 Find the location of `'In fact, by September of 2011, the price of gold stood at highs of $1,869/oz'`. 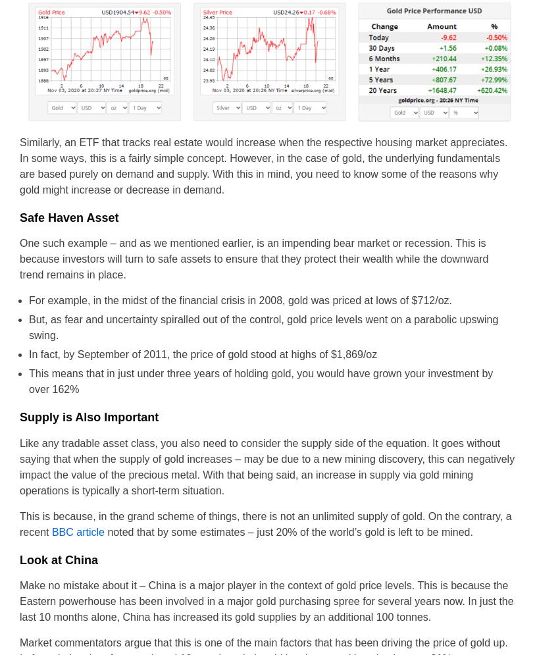

'In fact, by September of 2011, the price of gold stood at highs of $1,869/oz' is located at coordinates (28, 354).